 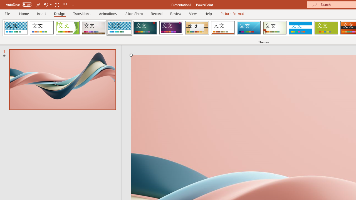 What do you see at coordinates (275, 28) in the screenshot?
I see `'Wisp'` at bounding box center [275, 28].